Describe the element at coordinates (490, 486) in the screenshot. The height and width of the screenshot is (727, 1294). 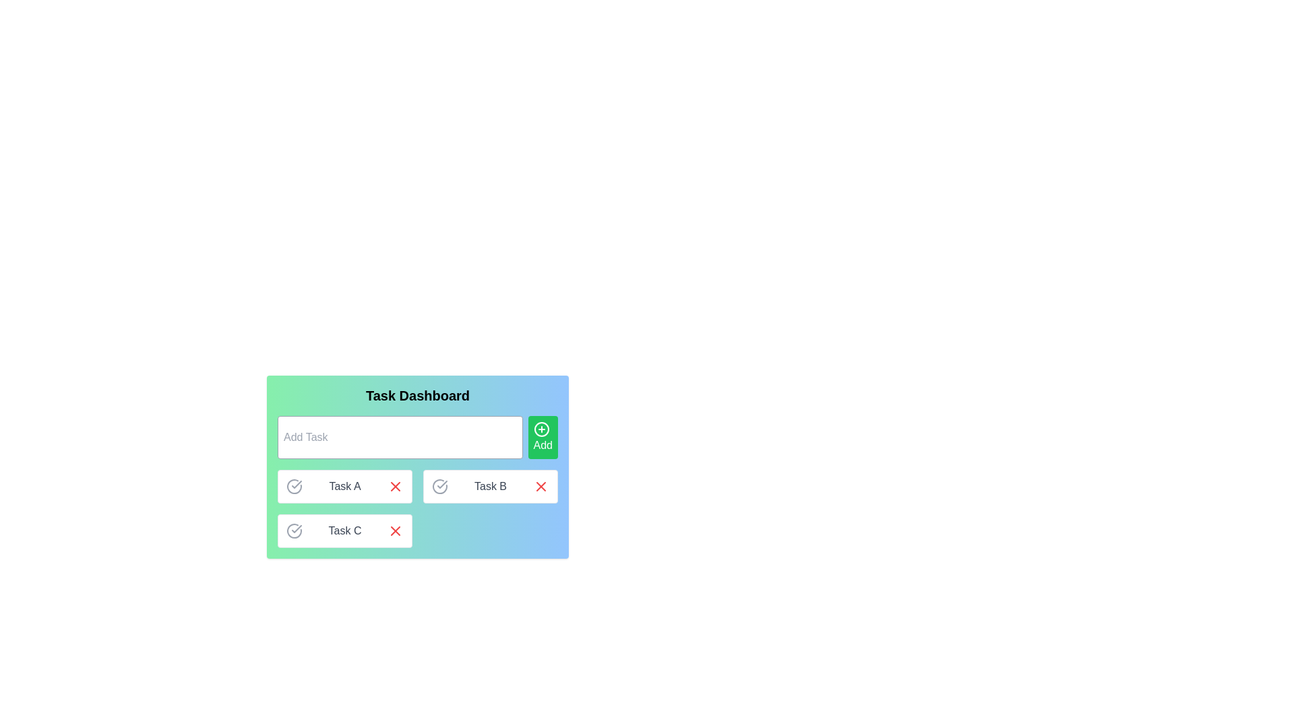
I see `task name 'Task B' displayed in the center of the task item, which is a rectangular box with a white background and contains interactive icons for marking completion and deletion` at that location.